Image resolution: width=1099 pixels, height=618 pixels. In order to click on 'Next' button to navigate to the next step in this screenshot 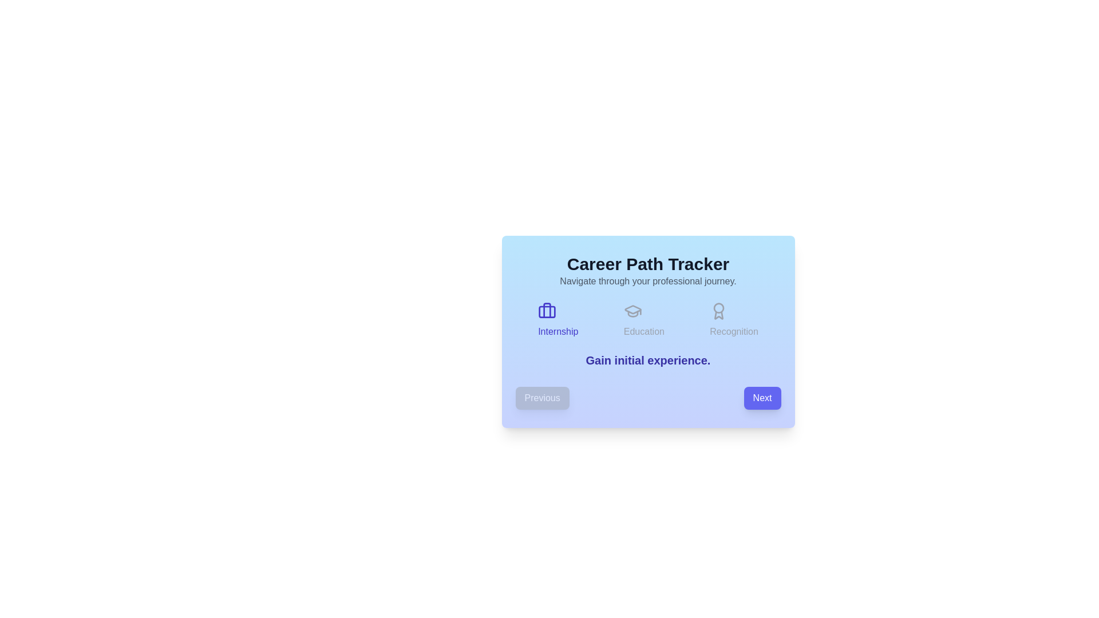, I will do `click(762, 397)`.